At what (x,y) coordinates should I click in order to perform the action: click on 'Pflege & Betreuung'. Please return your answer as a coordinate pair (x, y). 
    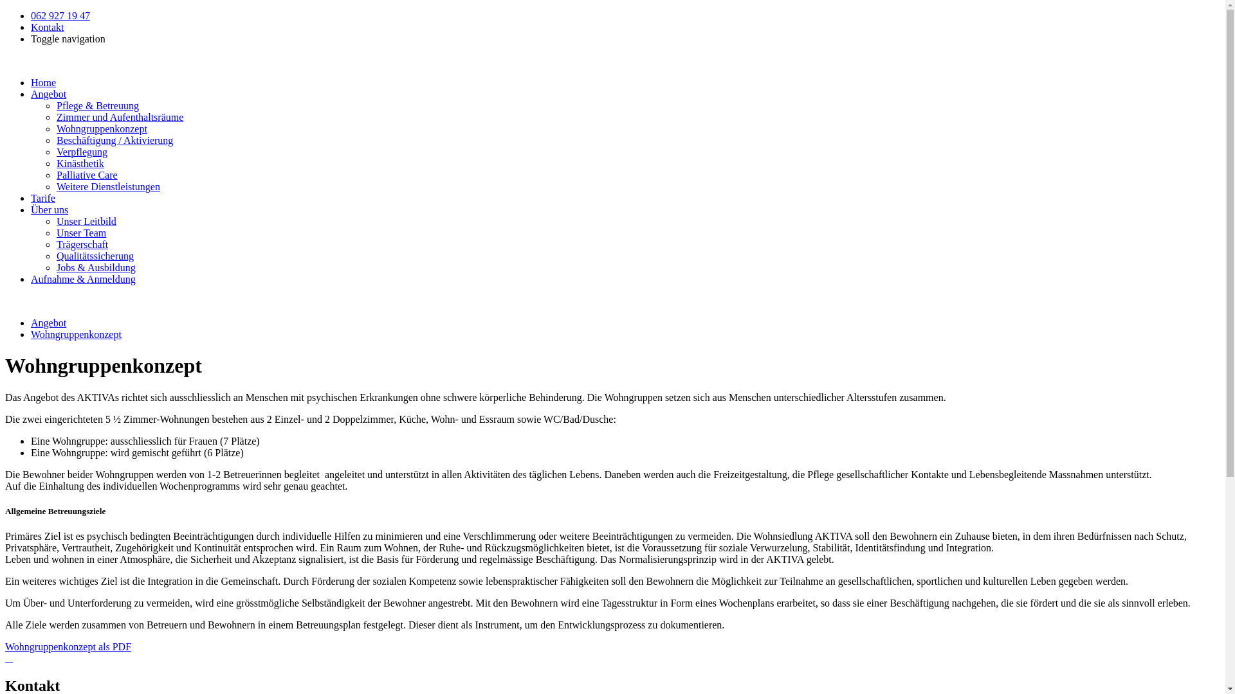
    Looking at the image, I should click on (97, 105).